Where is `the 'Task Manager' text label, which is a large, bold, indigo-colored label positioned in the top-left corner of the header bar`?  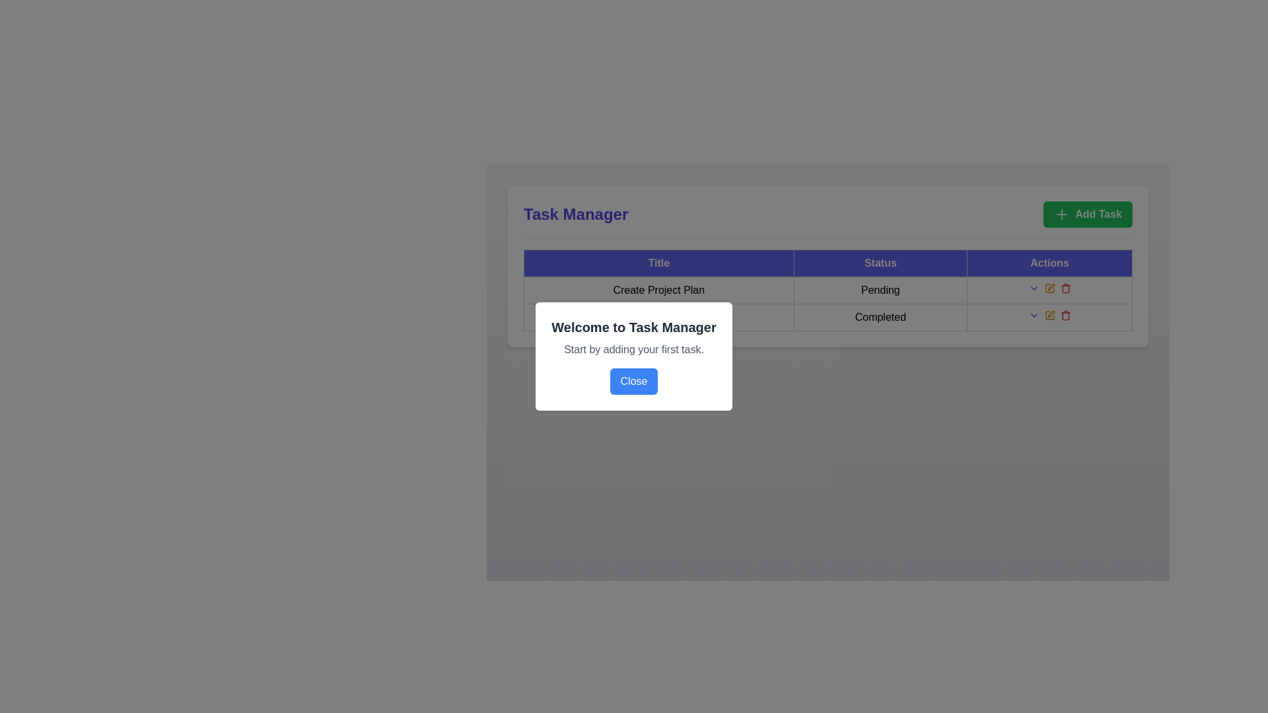 the 'Task Manager' text label, which is a large, bold, indigo-colored label positioned in the top-left corner of the header bar is located at coordinates (576, 213).